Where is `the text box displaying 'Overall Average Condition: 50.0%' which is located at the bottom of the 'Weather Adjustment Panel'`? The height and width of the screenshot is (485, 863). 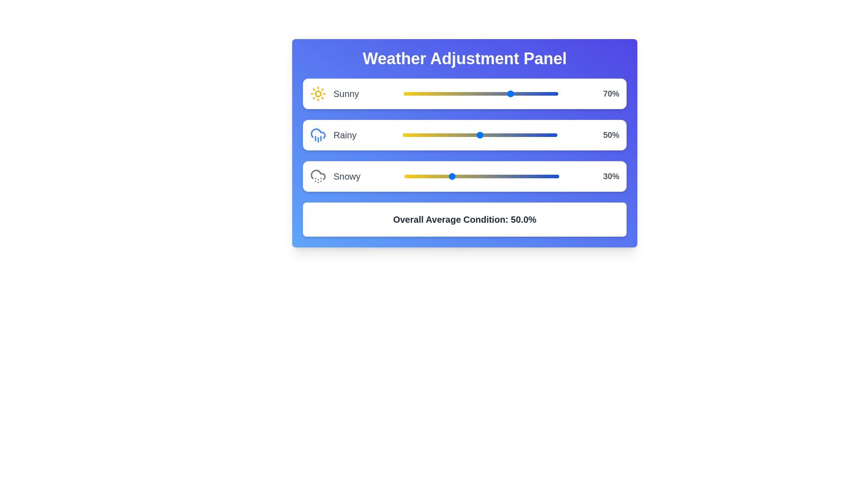 the text box displaying 'Overall Average Condition: 50.0%' which is located at the bottom of the 'Weather Adjustment Panel' is located at coordinates (464, 220).